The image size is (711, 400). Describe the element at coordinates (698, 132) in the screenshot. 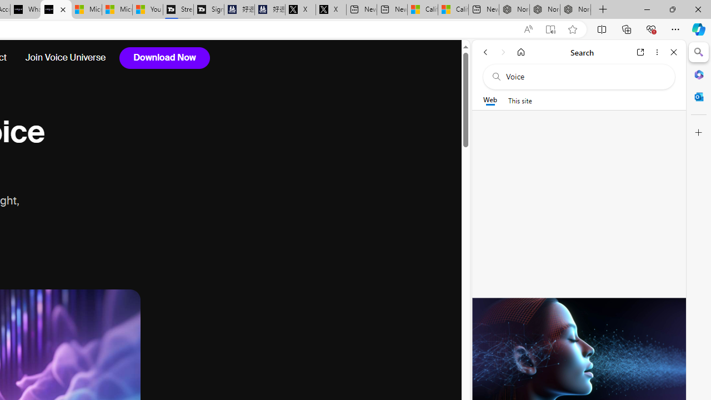

I see `'Customize'` at that location.